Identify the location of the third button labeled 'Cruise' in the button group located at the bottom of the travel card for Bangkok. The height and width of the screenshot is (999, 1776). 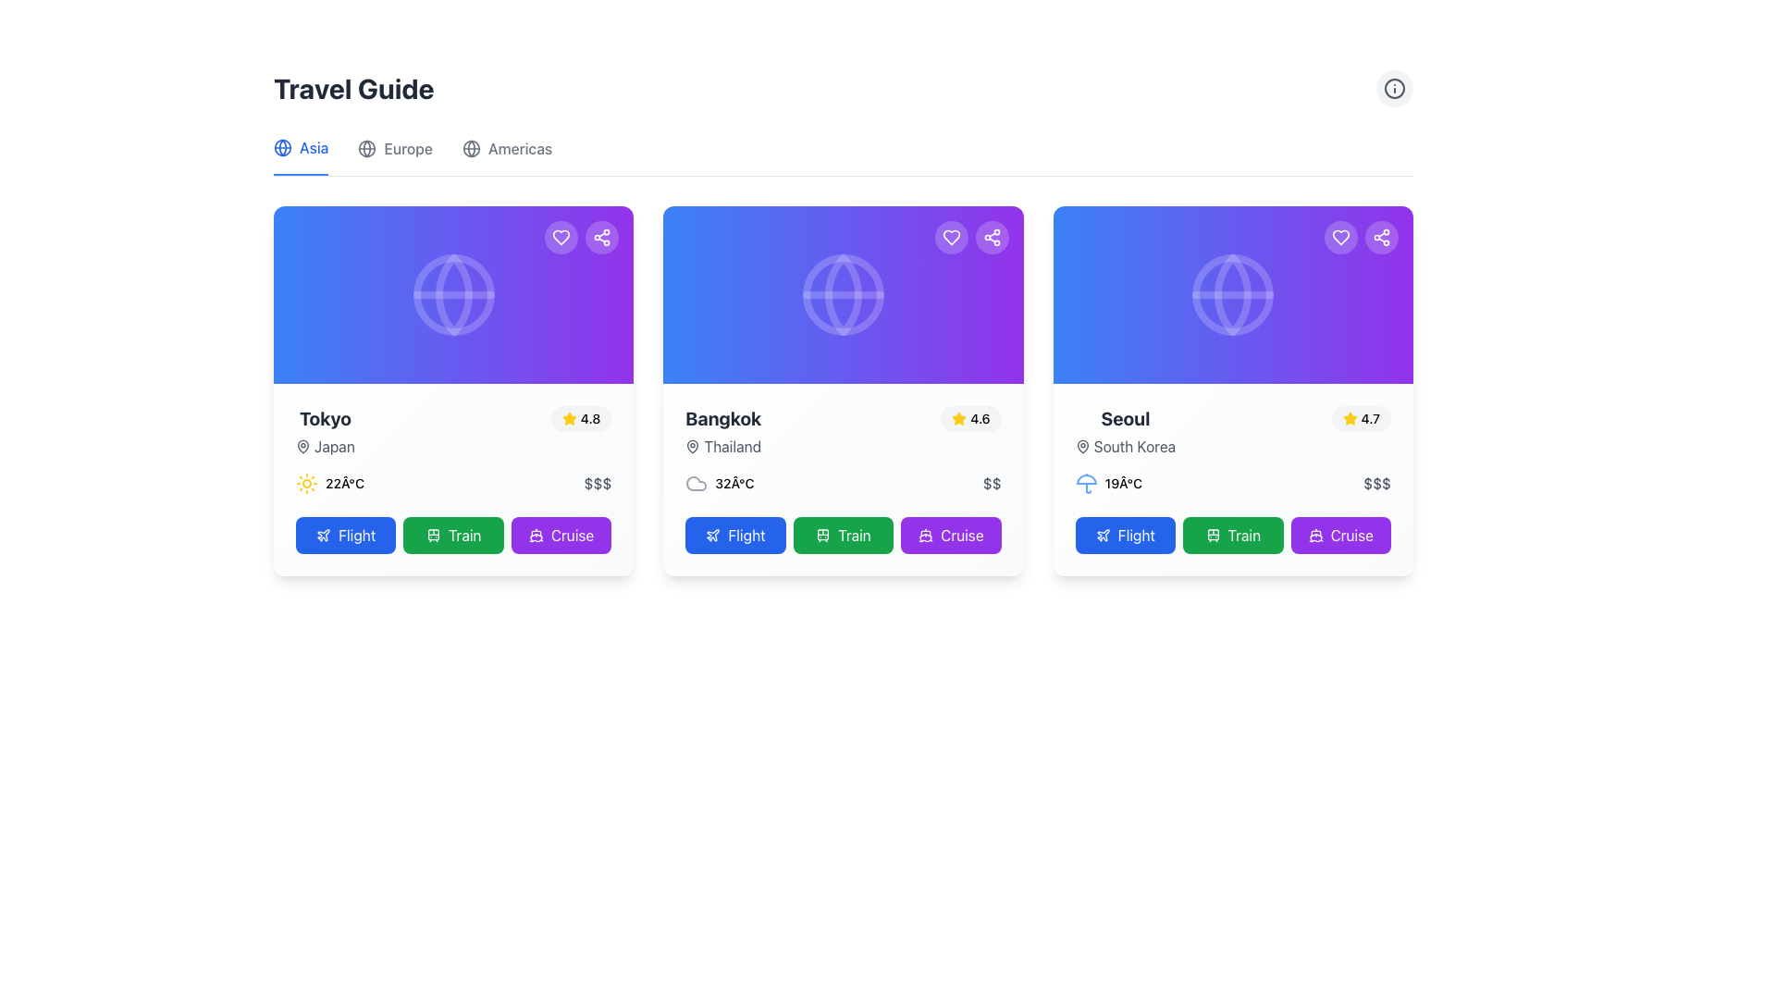
(951, 535).